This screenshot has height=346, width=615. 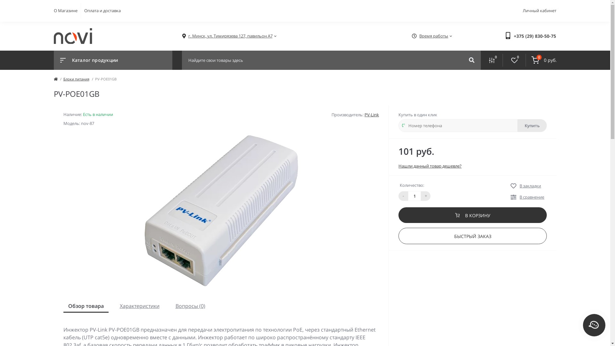 I want to click on '-', so click(x=403, y=195).